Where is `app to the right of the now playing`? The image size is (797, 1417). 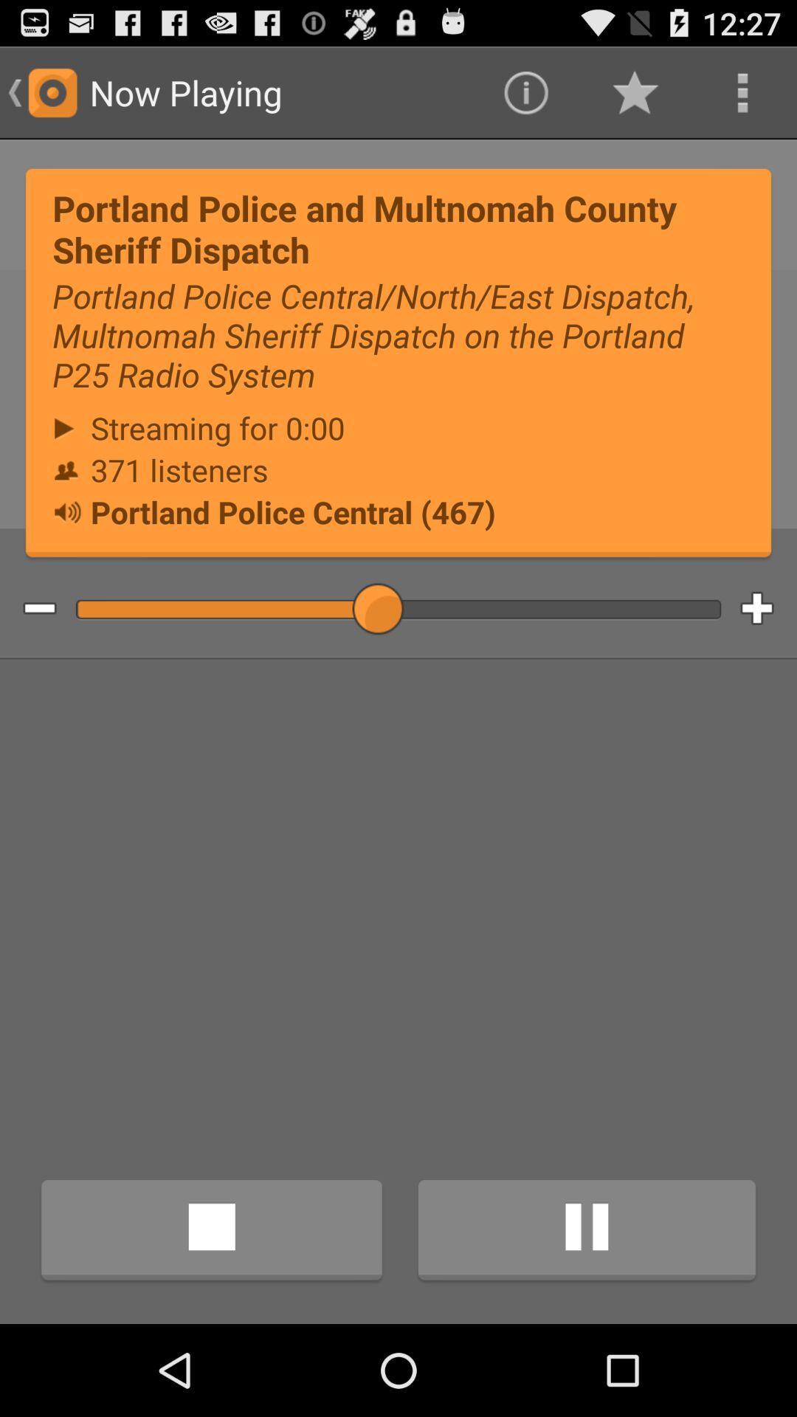 app to the right of the now playing is located at coordinates (525, 92).